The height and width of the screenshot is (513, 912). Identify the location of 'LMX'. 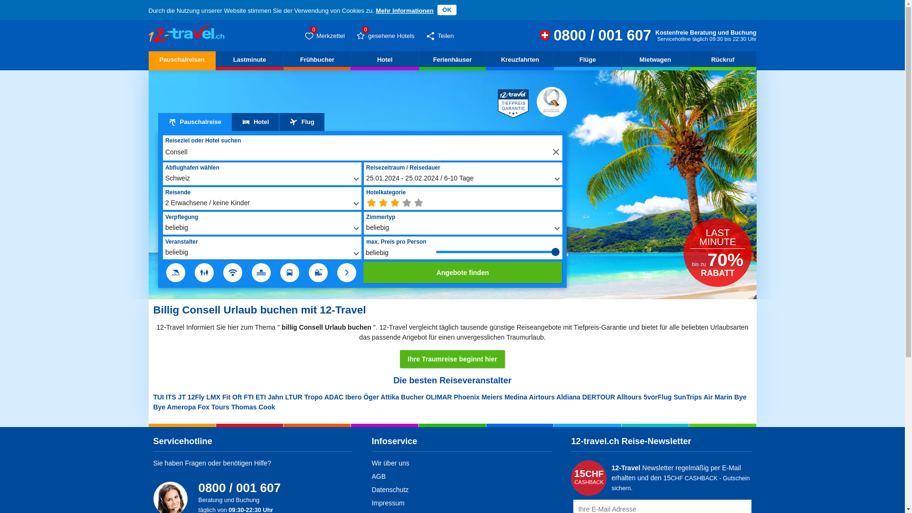
(213, 397).